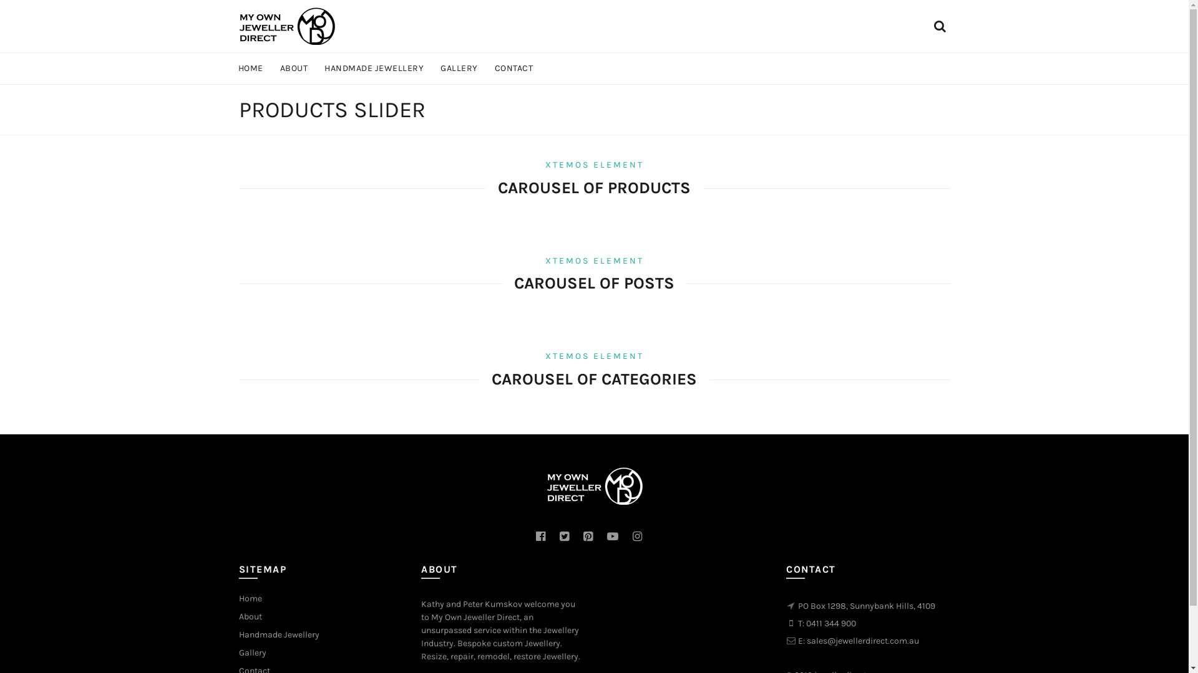 The height and width of the screenshot is (673, 1198). What do you see at coordinates (458, 69) in the screenshot?
I see `'GALLERY'` at bounding box center [458, 69].